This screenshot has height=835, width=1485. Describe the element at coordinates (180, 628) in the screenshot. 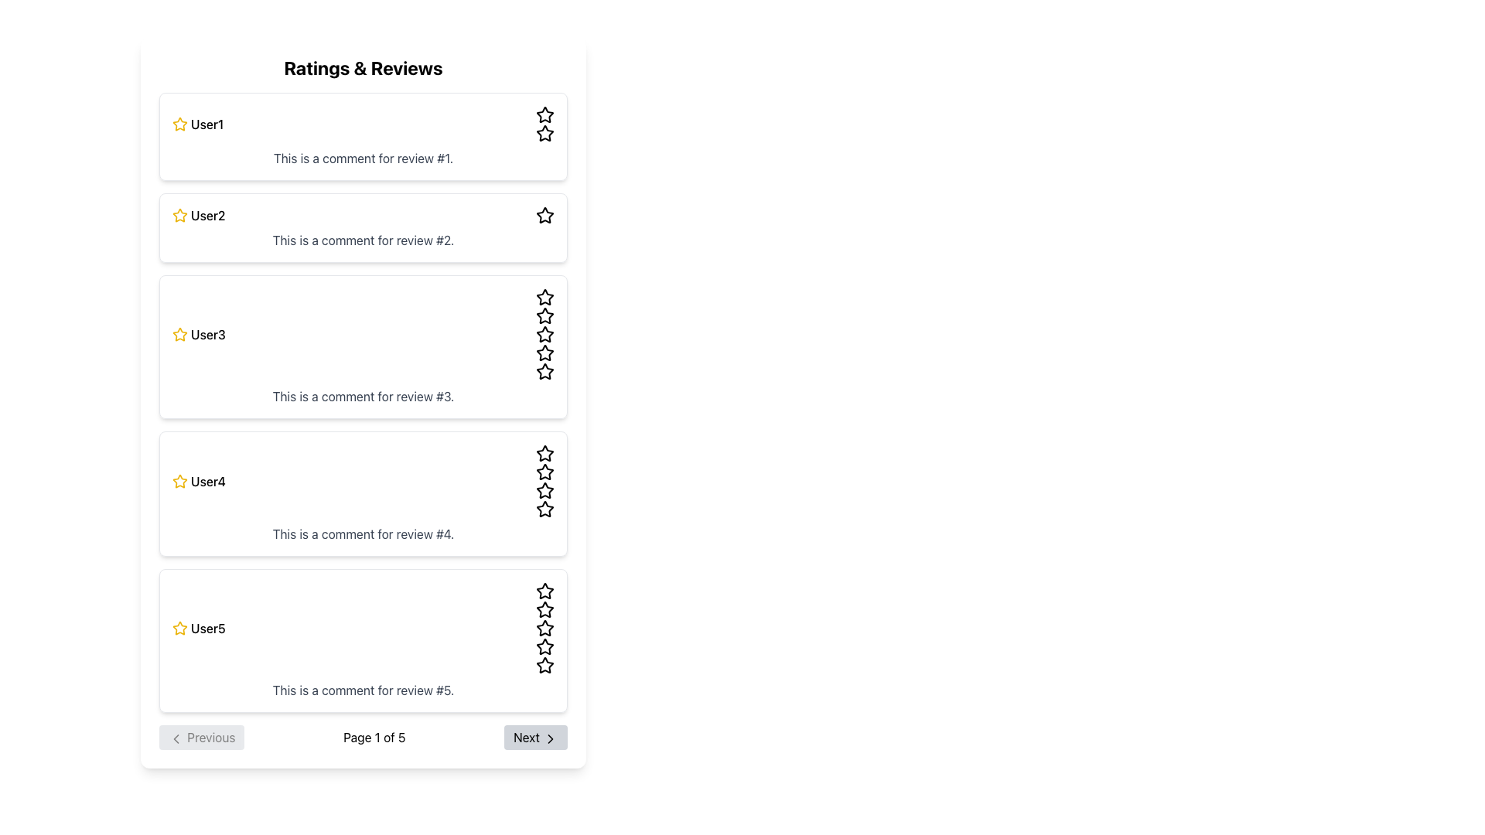

I see `the yellow star-shaped icon with a white interior that indicates ratings, located to the left of the 'User5' review in the fifth item of the list` at that location.